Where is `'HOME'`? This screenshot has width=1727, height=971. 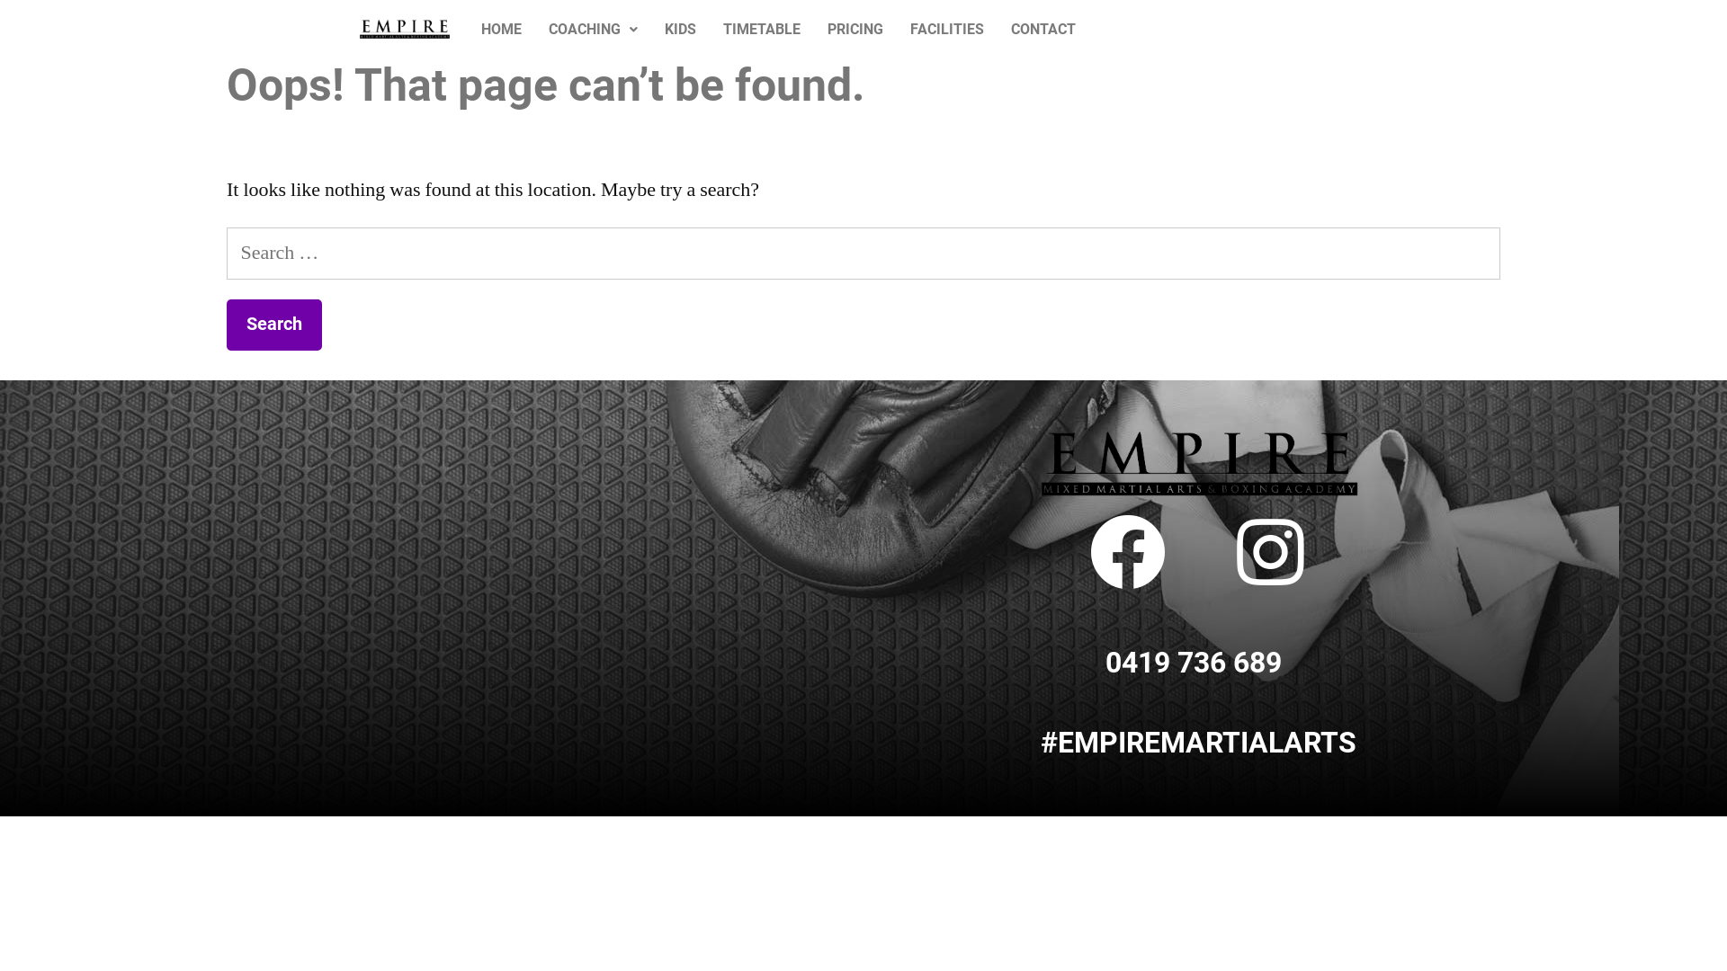 'HOME' is located at coordinates (501, 30).